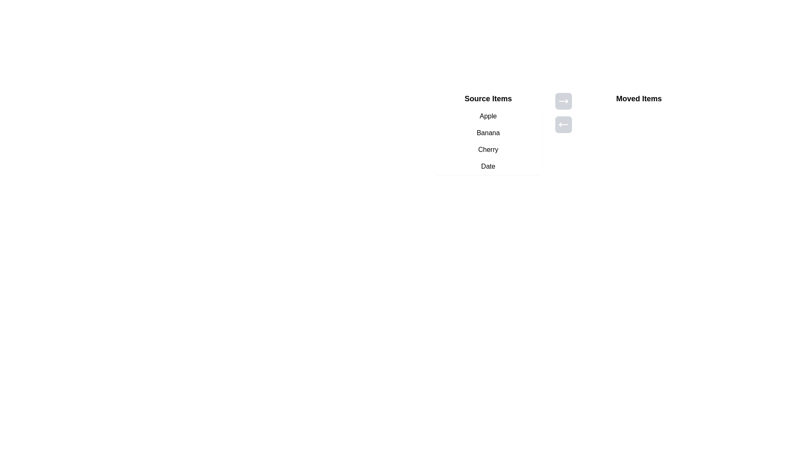  Describe the element at coordinates (563, 101) in the screenshot. I see `the rightward-pointing arrow icon located in the button to the right of the 'Source Items' list to initiate a move action for selecting items` at that location.